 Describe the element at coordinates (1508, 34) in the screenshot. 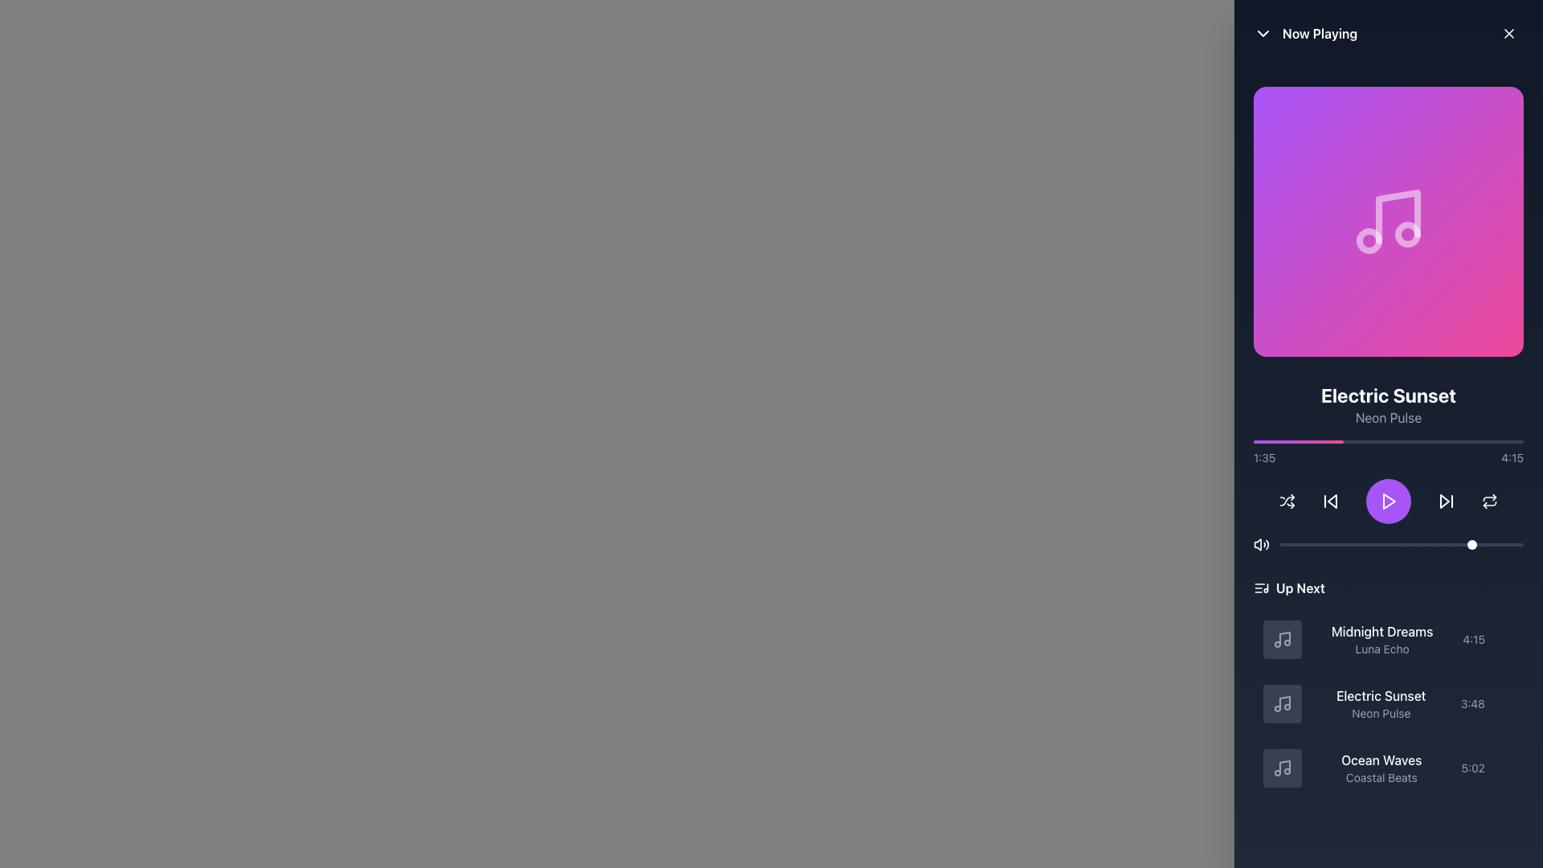

I see `the close button located at the top-right corner of the interface` at that location.